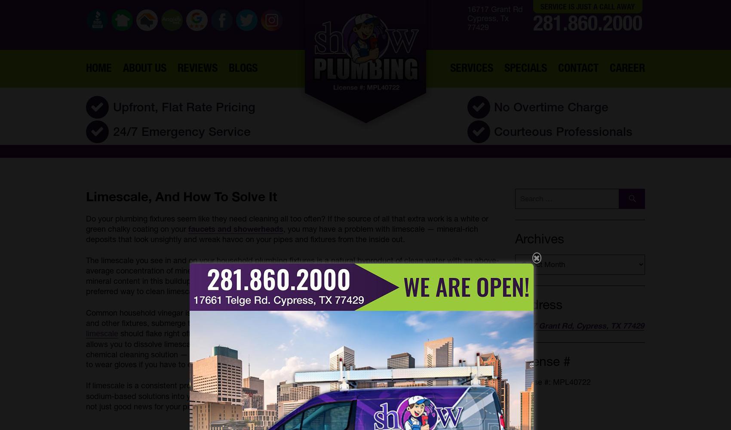 The image size is (731, 430). Describe the element at coordinates (298, 291) in the screenshot. I see `'is to weaken and dissolve it using a mild acidic solution.'` at that location.